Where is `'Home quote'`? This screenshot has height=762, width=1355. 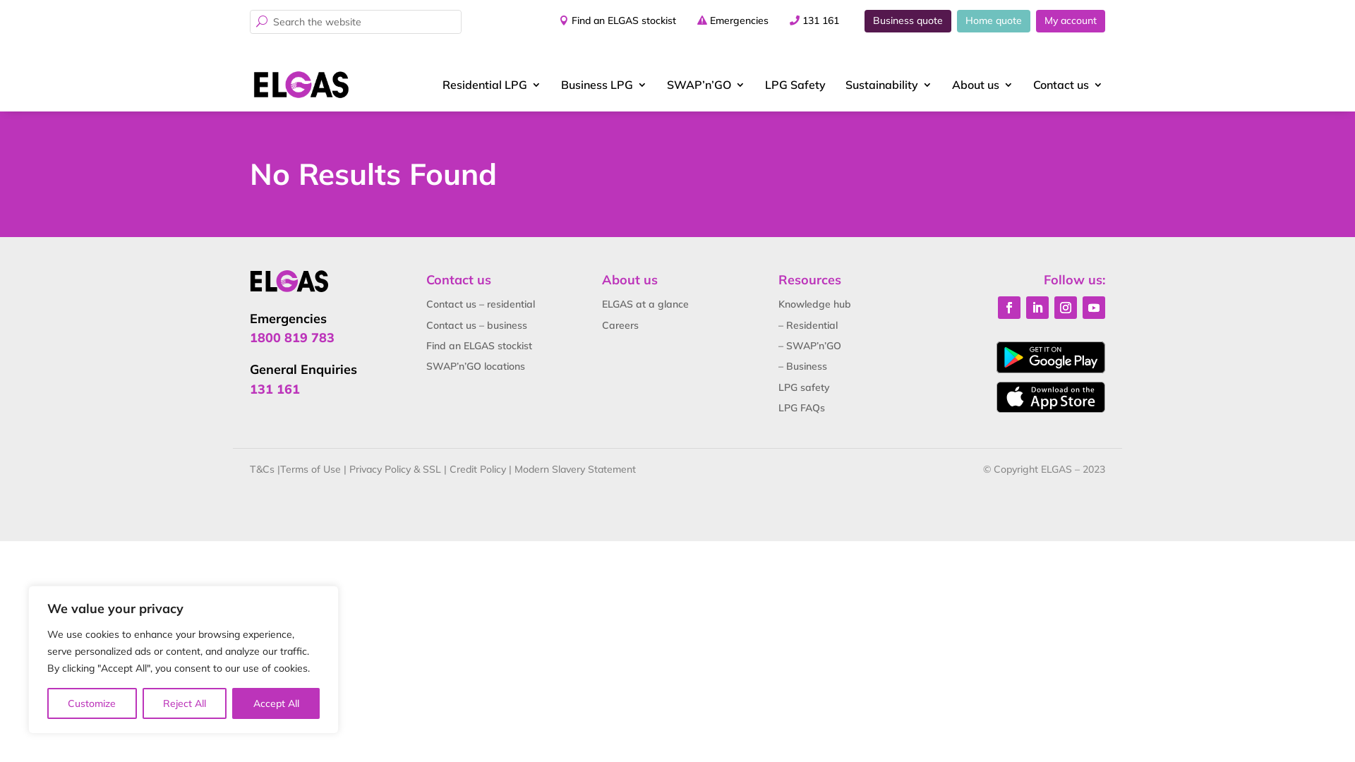 'Home quote' is located at coordinates (992, 21).